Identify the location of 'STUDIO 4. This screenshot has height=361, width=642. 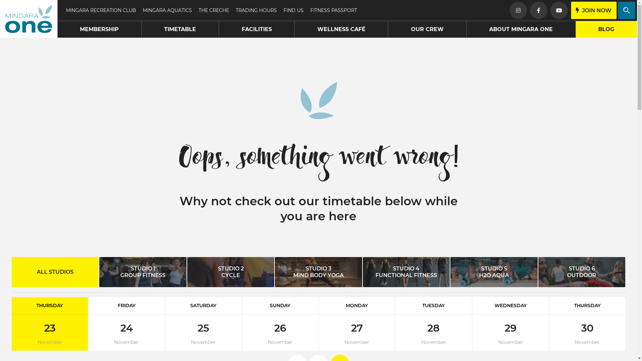
(406, 272).